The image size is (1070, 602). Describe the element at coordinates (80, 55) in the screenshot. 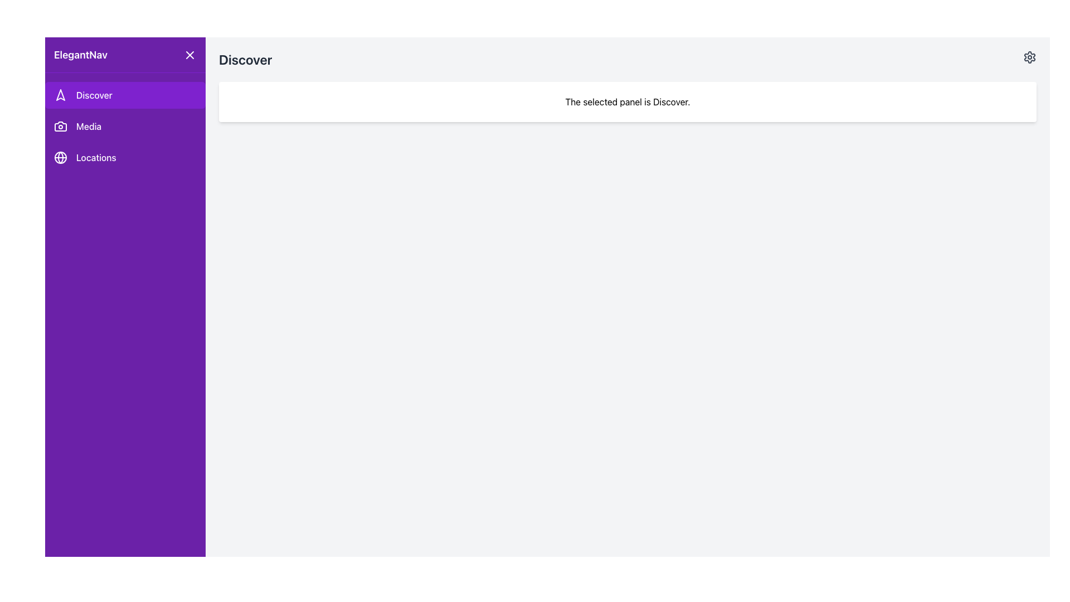

I see `text from the Text Label located at the top-left corner of the purple-colored sidebar, which serves as a title for the navigation section` at that location.